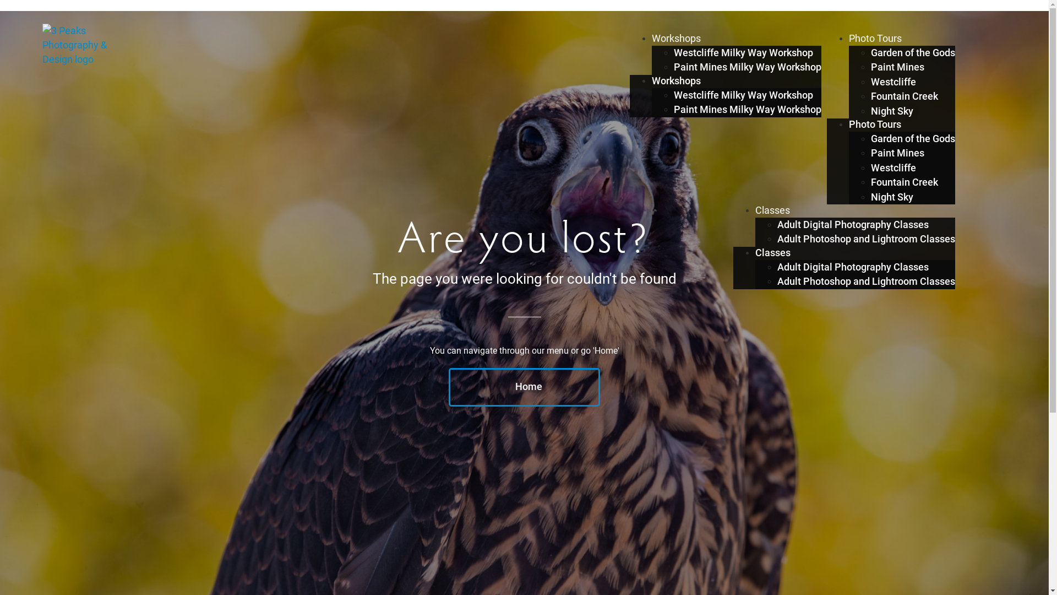 The width and height of the screenshot is (1057, 595). What do you see at coordinates (743, 53) in the screenshot?
I see `'Westcliffe Milky Way Workshop'` at bounding box center [743, 53].